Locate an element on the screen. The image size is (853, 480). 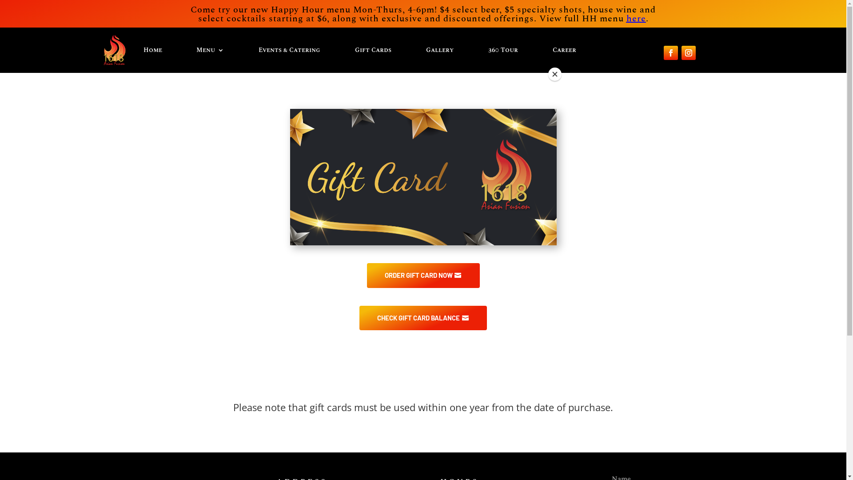
'Follow on Facebook' is located at coordinates (663, 53).